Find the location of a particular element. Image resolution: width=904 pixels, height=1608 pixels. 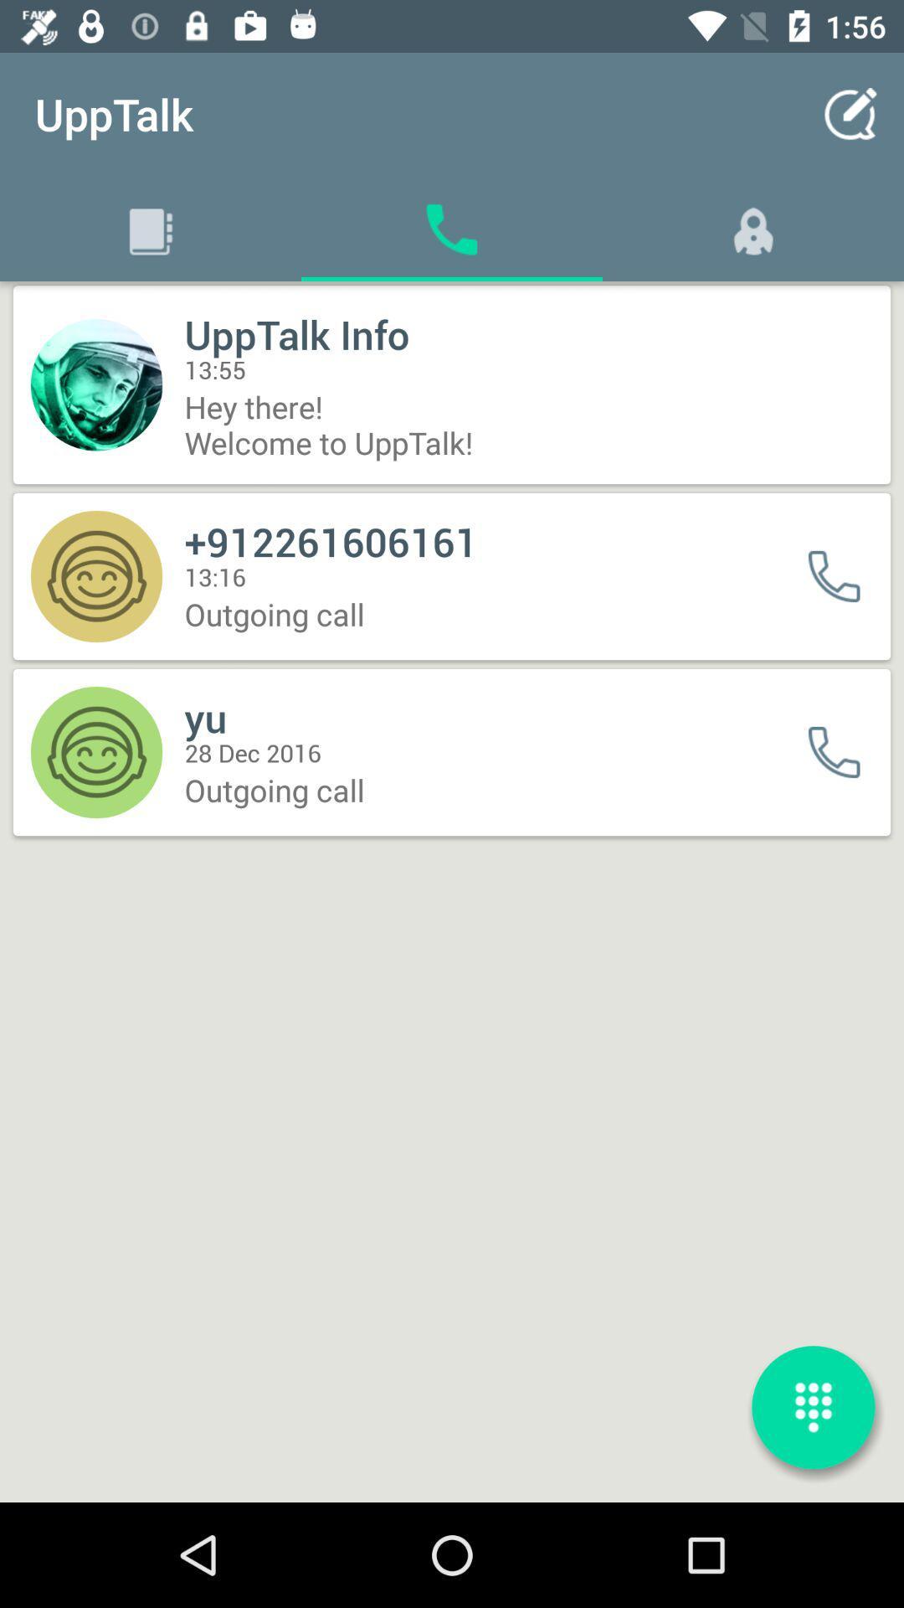

call it is located at coordinates (845, 751).